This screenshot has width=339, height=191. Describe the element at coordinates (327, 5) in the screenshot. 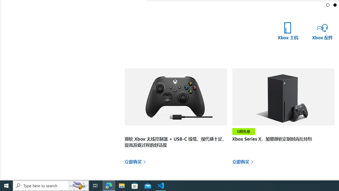

I see `'Go to slide 1'` at that location.